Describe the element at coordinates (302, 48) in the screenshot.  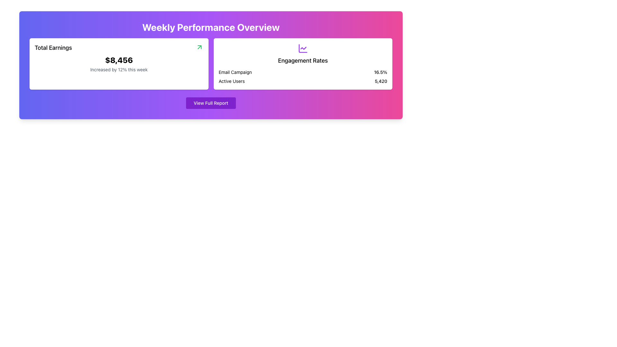
I see `the SVG icon representing a line chart, which is located at the top-right of the 'Engagement Rates' card, above its descriptive text and numerical information` at that location.